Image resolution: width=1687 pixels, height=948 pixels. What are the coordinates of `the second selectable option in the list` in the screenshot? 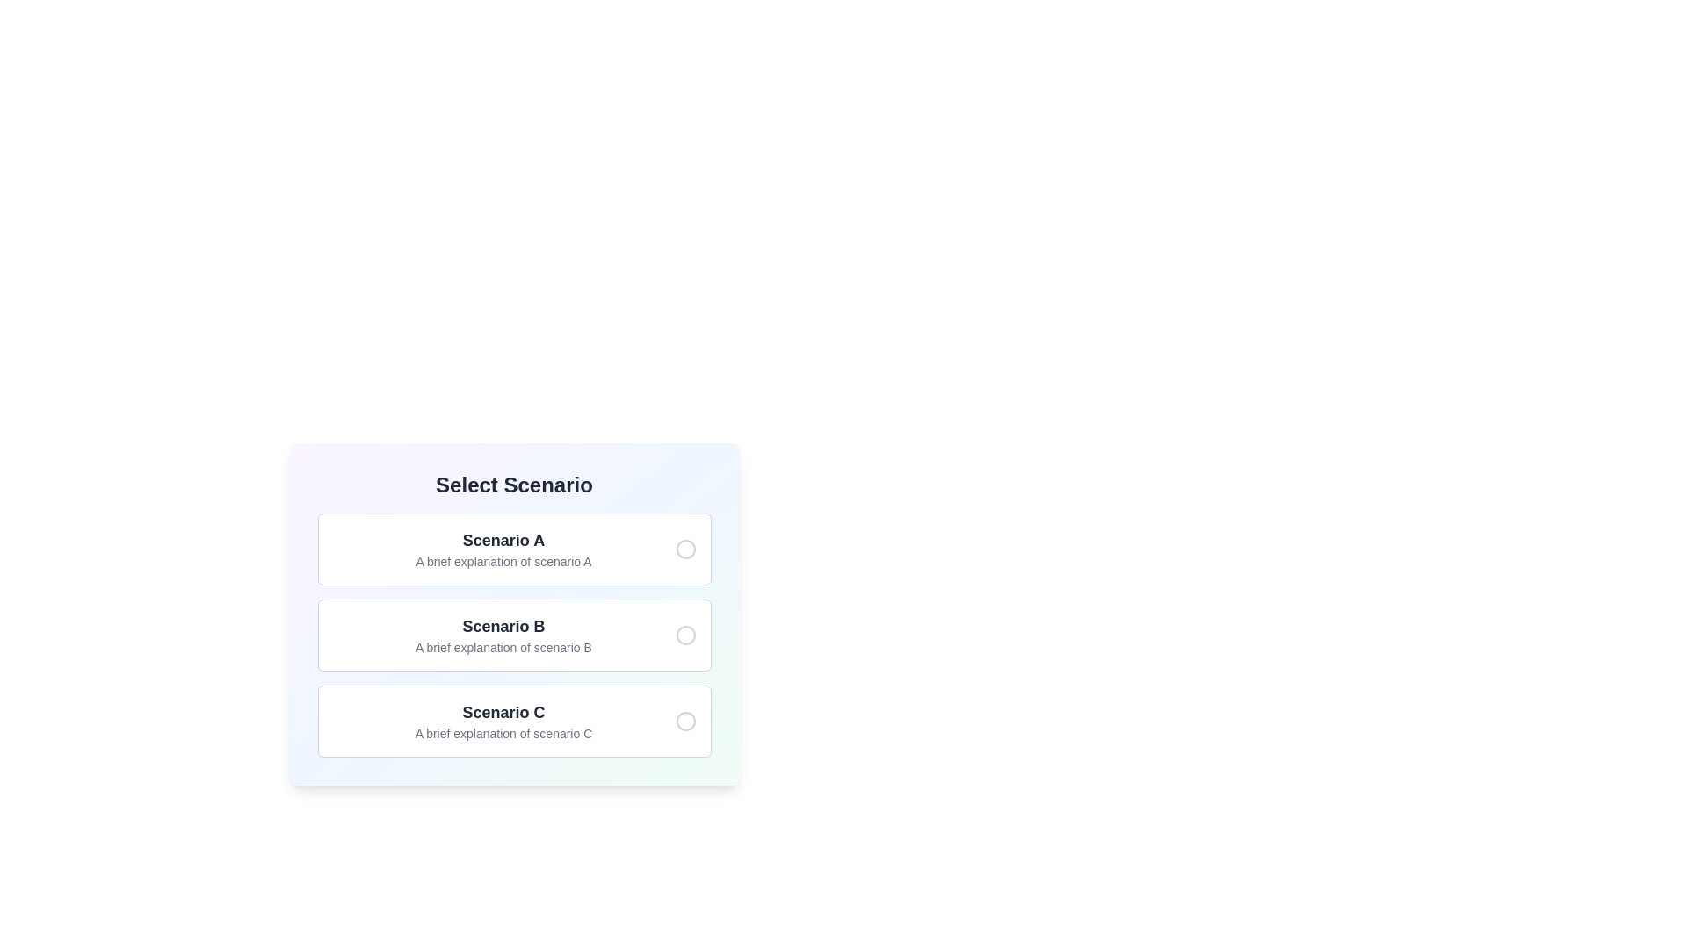 It's located at (513, 636).